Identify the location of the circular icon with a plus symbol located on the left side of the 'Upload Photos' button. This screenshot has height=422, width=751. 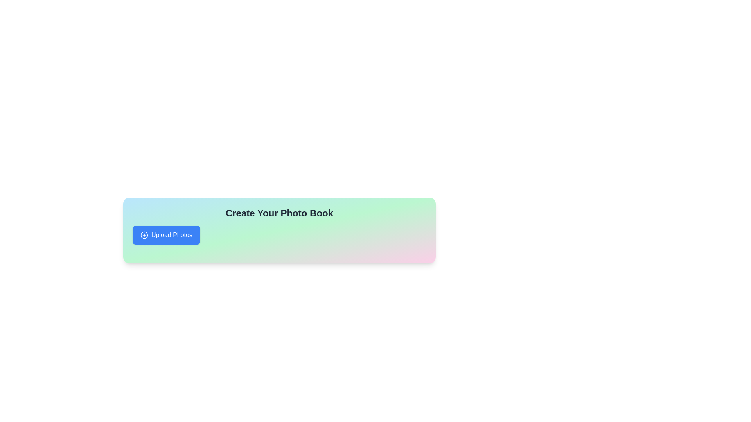
(144, 234).